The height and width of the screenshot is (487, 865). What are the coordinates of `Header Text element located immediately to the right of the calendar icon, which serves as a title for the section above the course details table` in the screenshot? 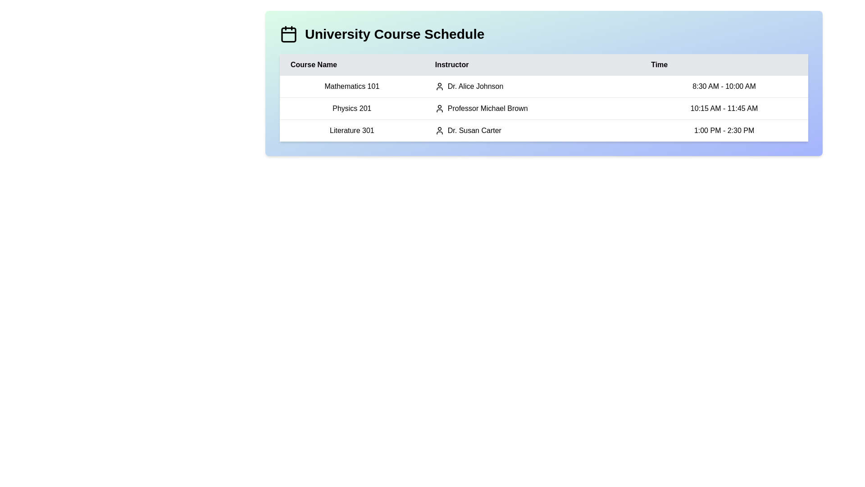 It's located at (395, 34).